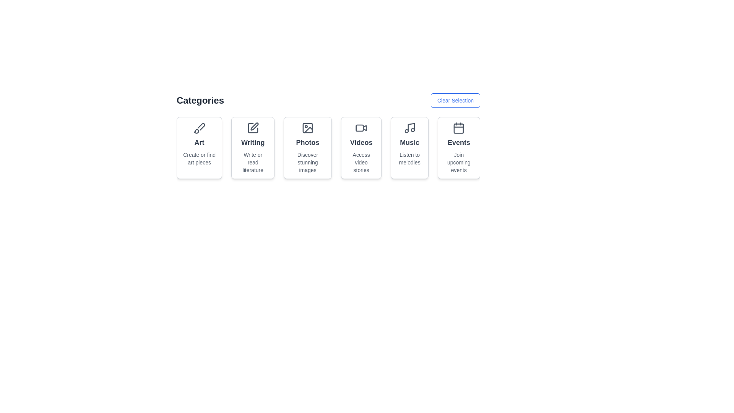 Image resolution: width=734 pixels, height=413 pixels. I want to click on the fourth interactive card in the horizontally scrolling row, so click(361, 148).